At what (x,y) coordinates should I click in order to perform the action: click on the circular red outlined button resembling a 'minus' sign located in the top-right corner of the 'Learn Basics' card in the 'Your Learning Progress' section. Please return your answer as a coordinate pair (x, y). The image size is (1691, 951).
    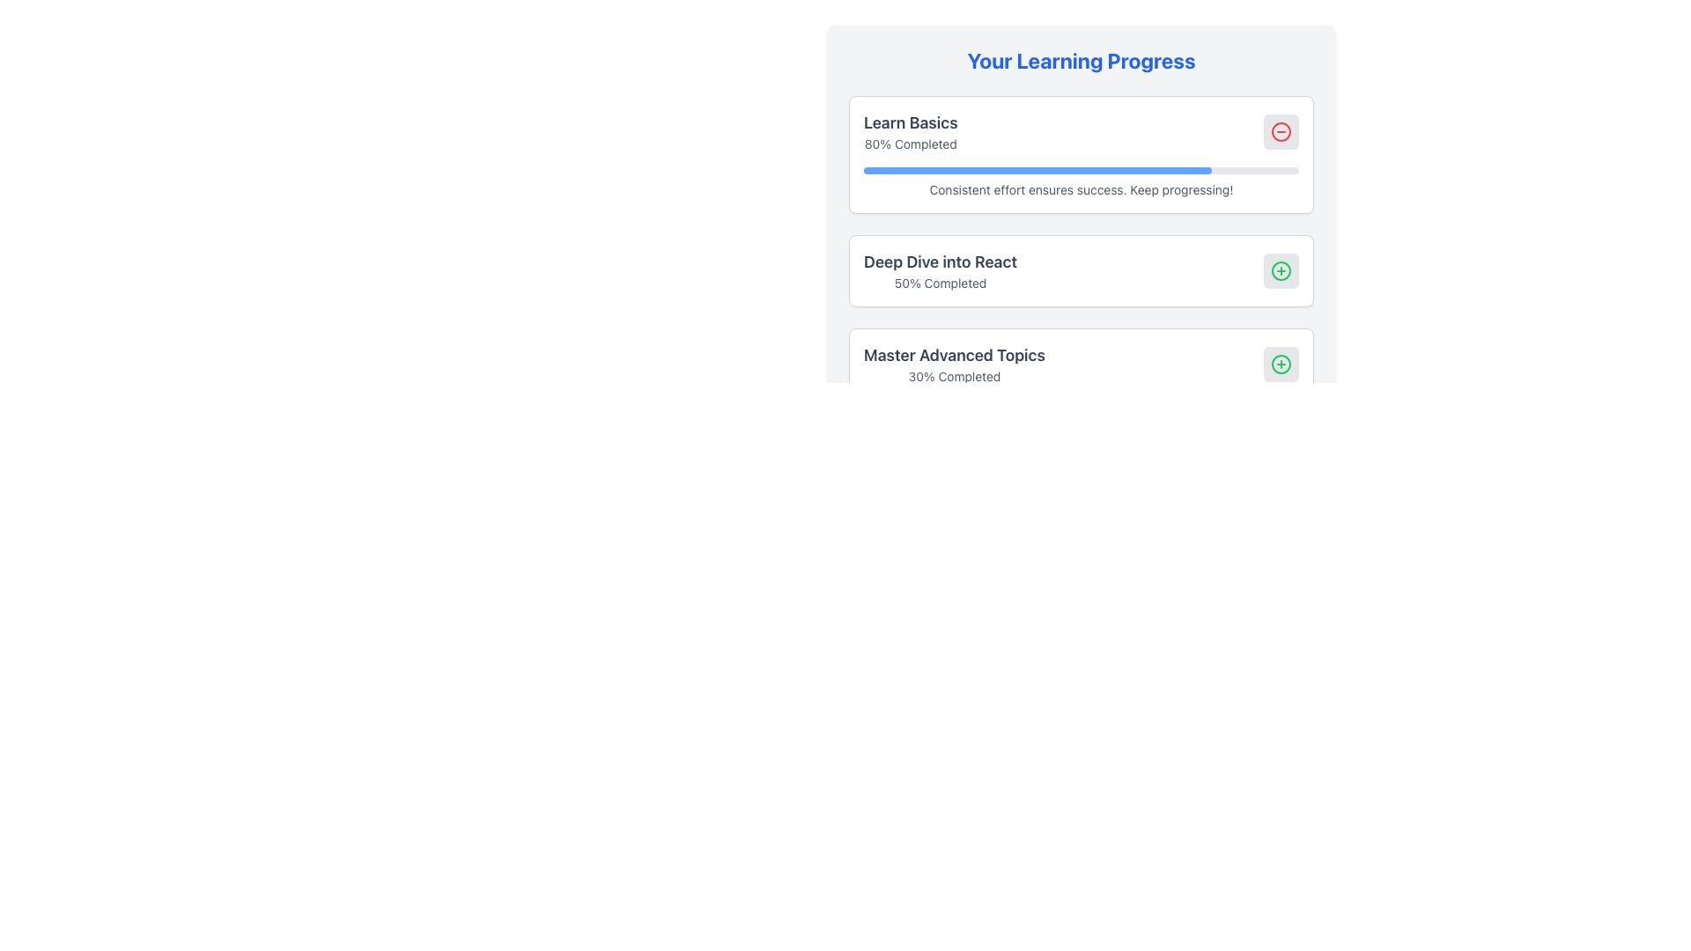
    Looking at the image, I should click on (1281, 131).